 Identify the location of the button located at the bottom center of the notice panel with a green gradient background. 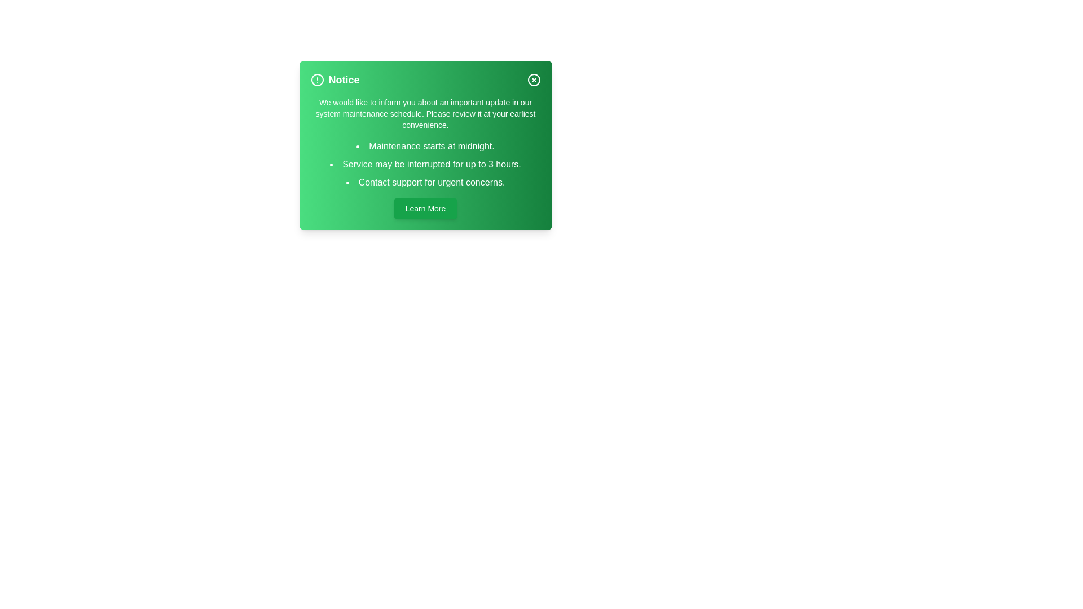
(425, 209).